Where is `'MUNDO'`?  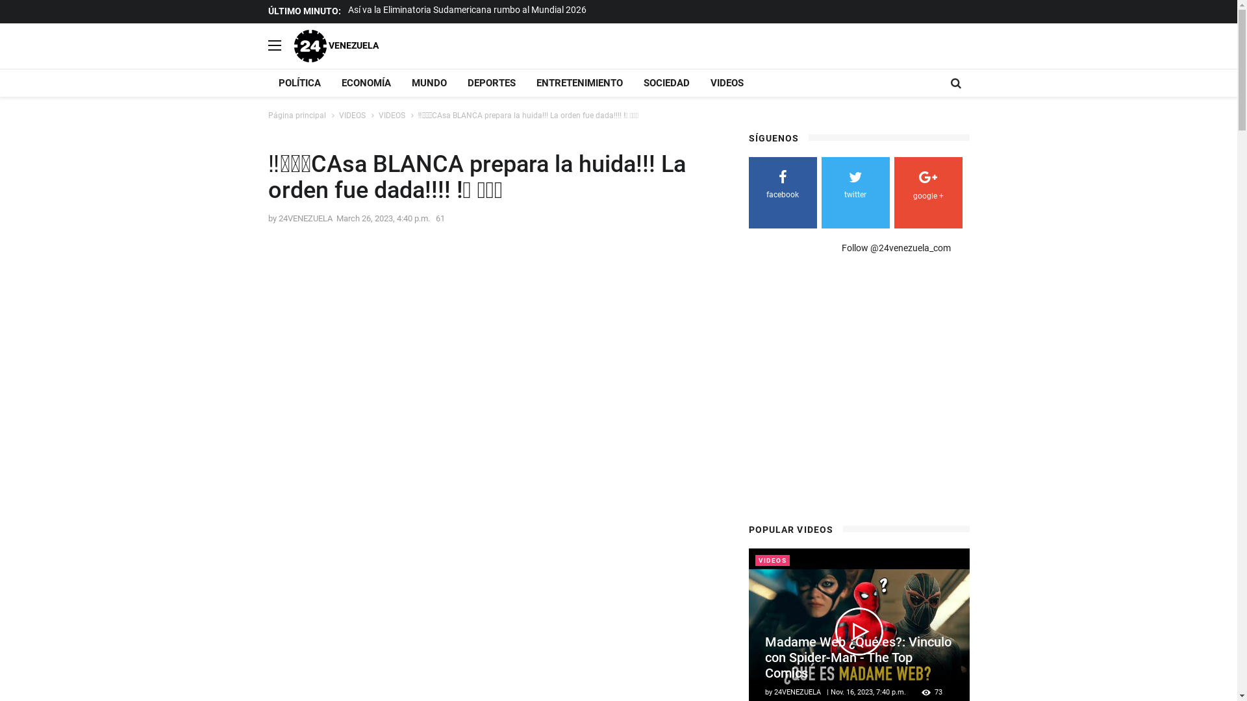
'MUNDO' is located at coordinates (429, 82).